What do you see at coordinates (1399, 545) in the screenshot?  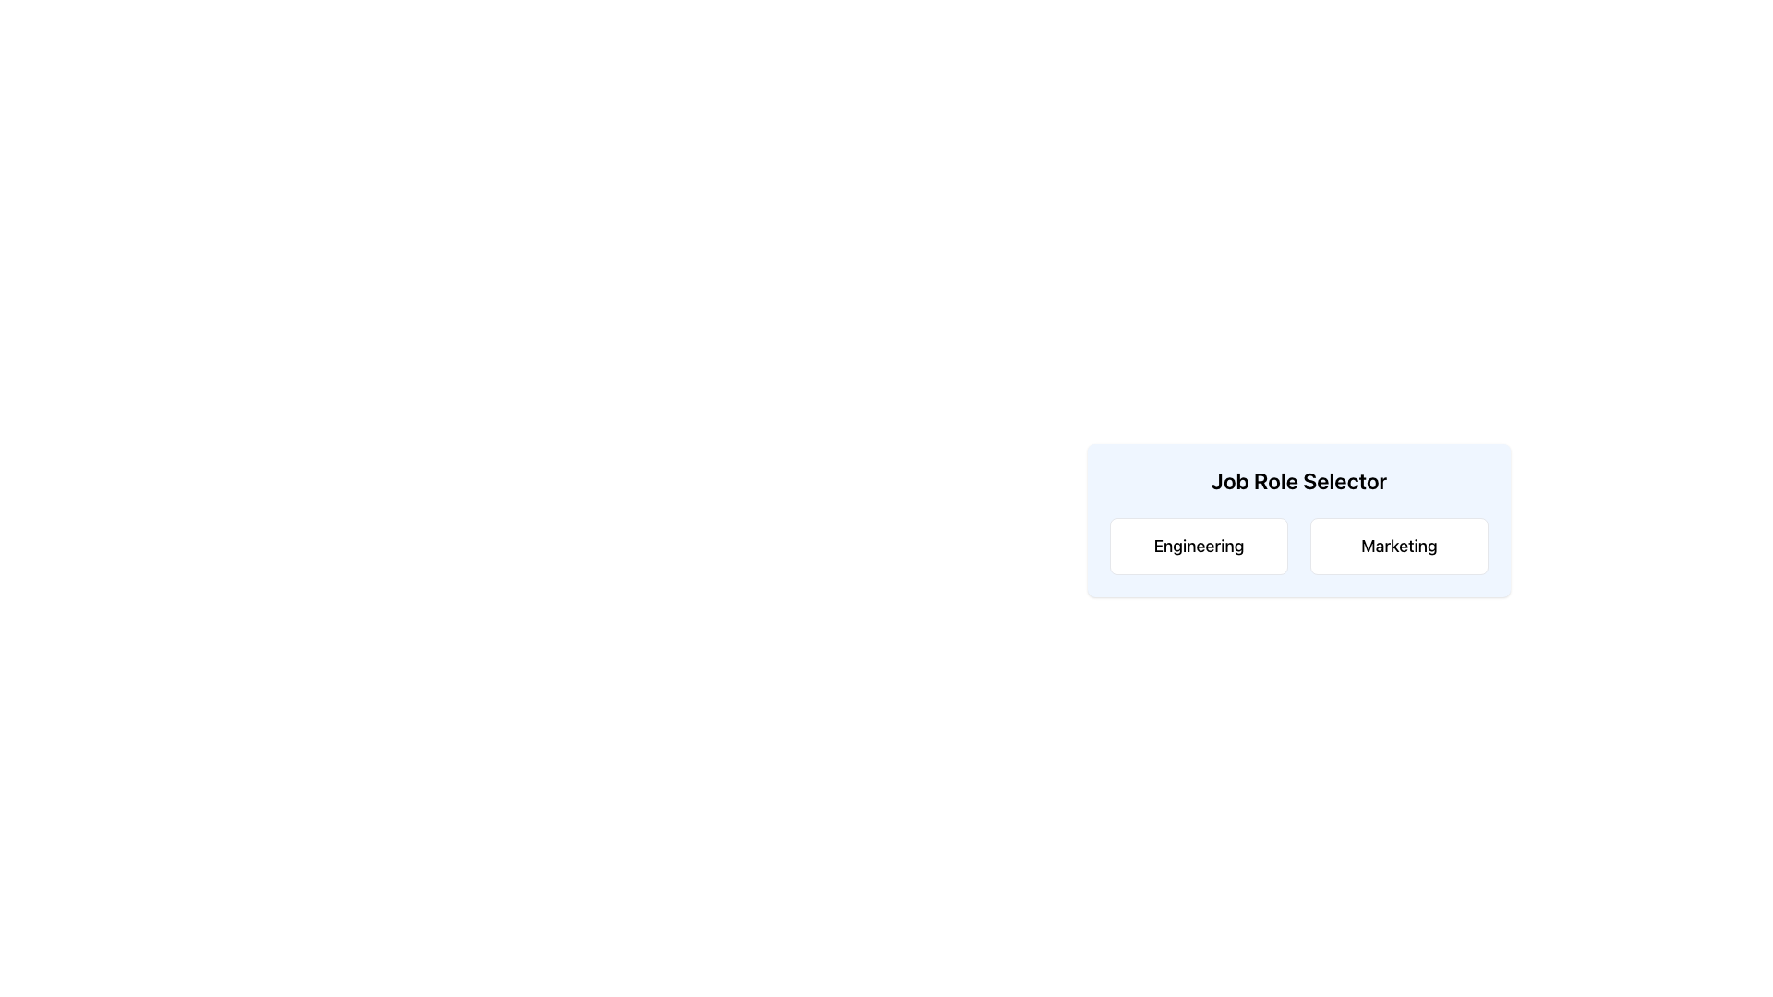 I see `the 'Marketing' text label on the second button of the 'Job Role Selector' panel` at bounding box center [1399, 545].